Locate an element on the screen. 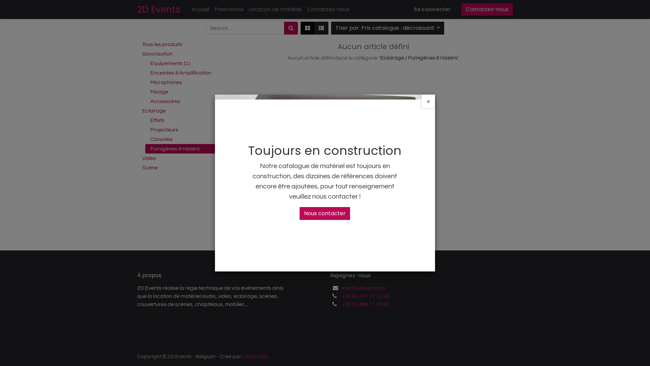 This screenshot has width=650, height=366. 'LISEO SRL' is located at coordinates (255, 356).